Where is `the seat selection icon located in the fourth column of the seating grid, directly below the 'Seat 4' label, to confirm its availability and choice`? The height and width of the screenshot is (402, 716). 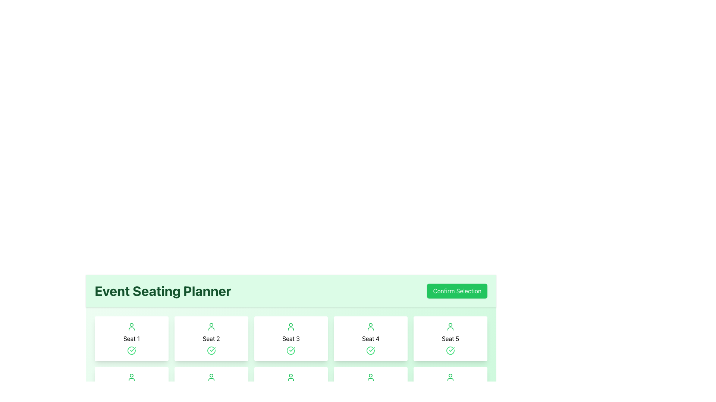
the seat selection icon located in the fourth column of the seating grid, directly below the 'Seat 4' label, to confirm its availability and choice is located at coordinates (371, 350).